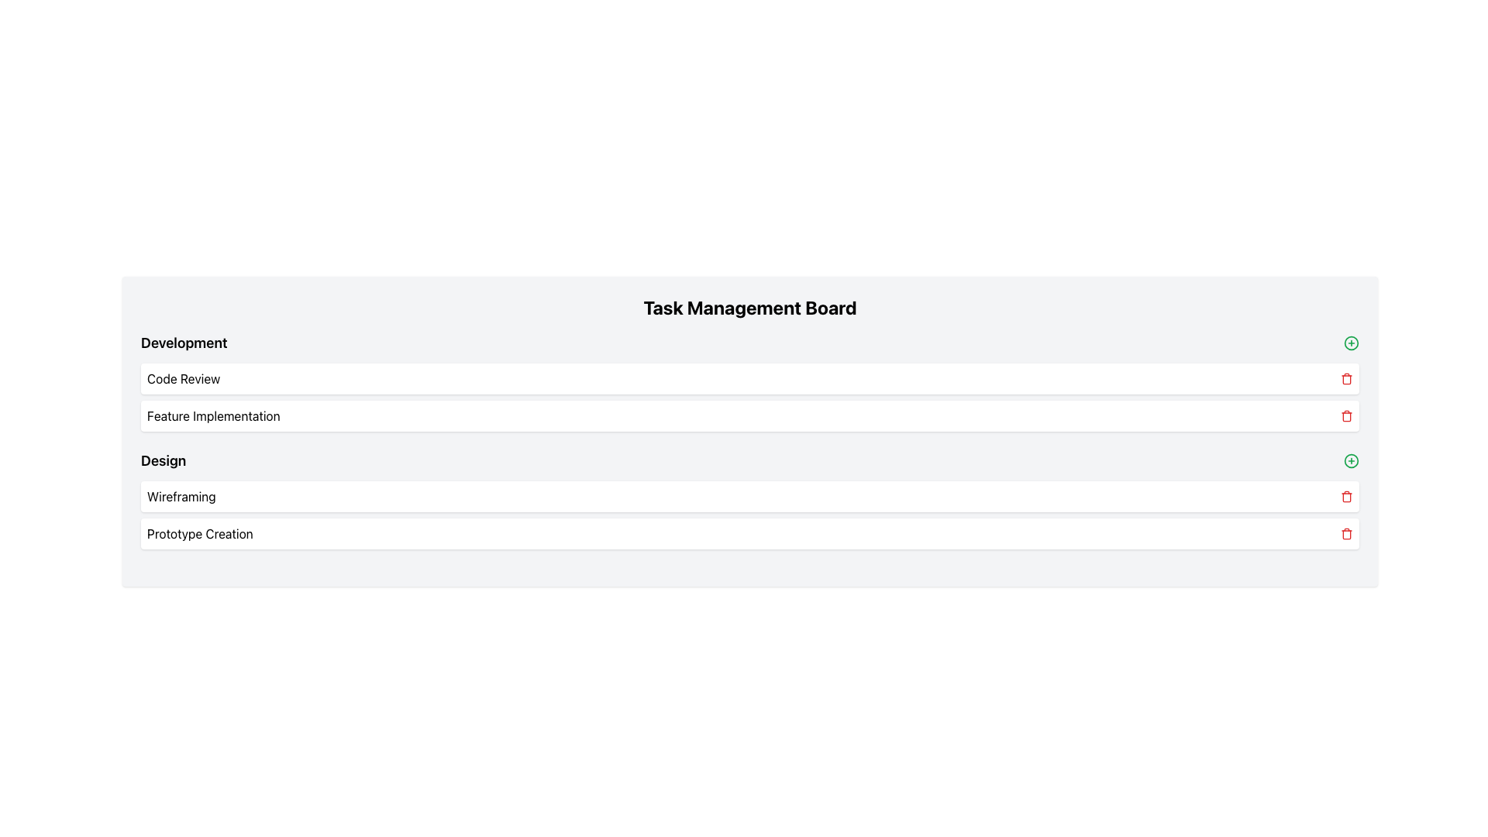 The image size is (1488, 837). What do you see at coordinates (1345, 496) in the screenshot?
I see `the red trash can icon representing the delete action located at the far right of the 'Wireframing' row` at bounding box center [1345, 496].